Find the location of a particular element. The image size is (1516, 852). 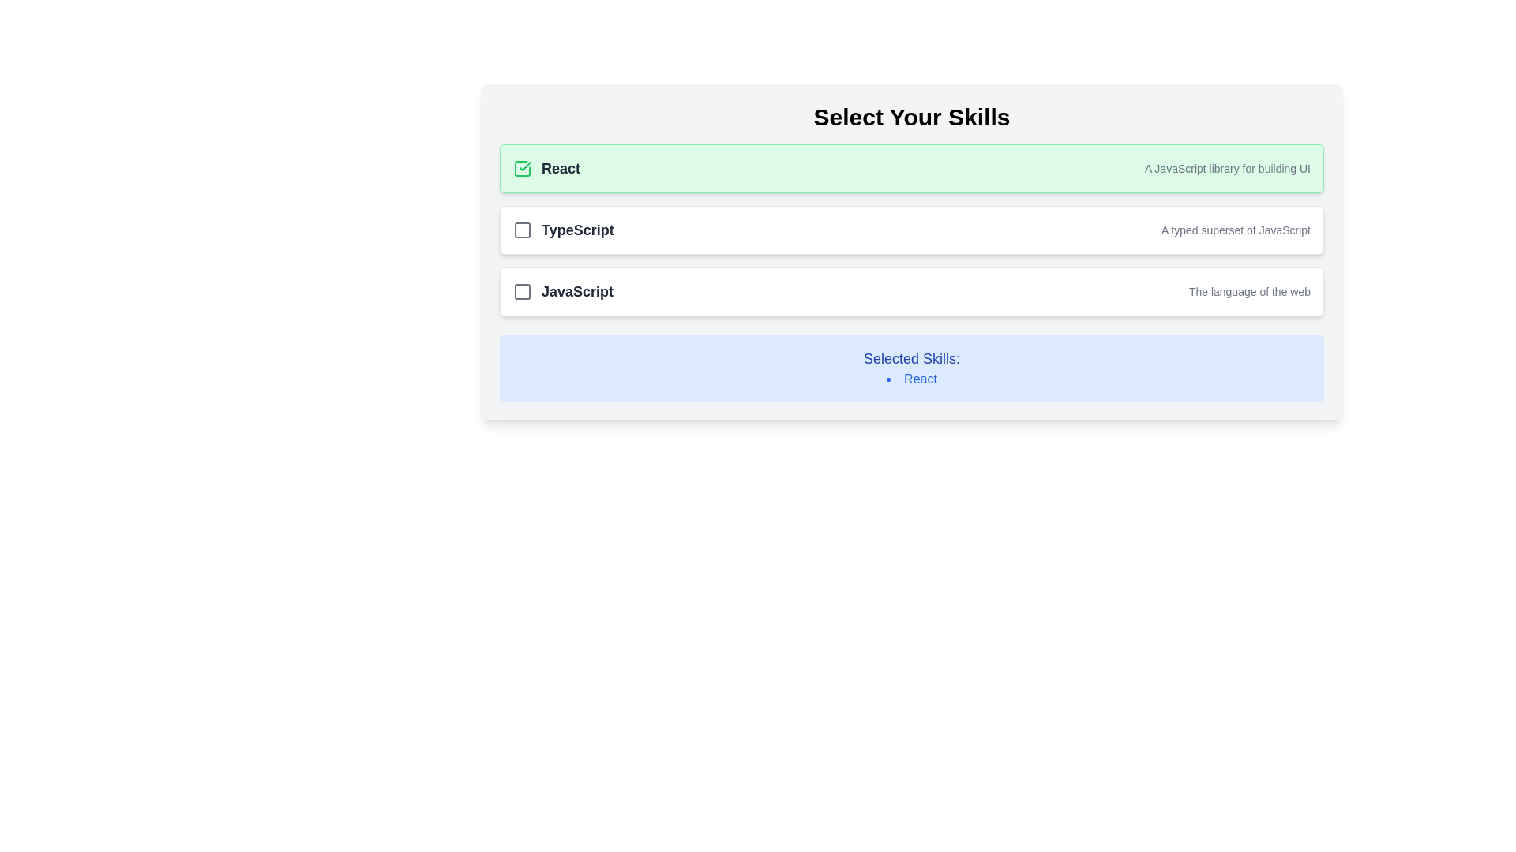

the Checkbox icon, which is a gray square with rounded corners located to the left of the 'JavaScript' label is located at coordinates (523, 292).